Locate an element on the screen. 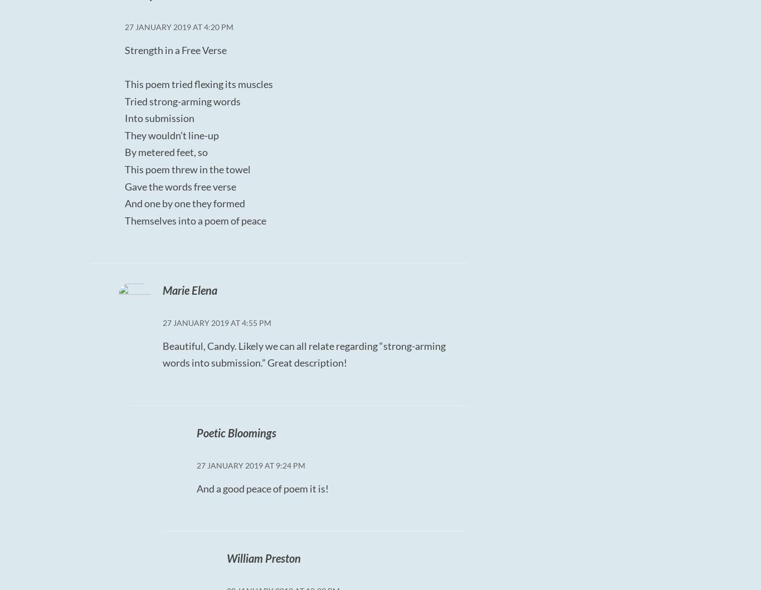 This screenshot has height=590, width=761. 'By metered feet, so' is located at coordinates (166, 152).